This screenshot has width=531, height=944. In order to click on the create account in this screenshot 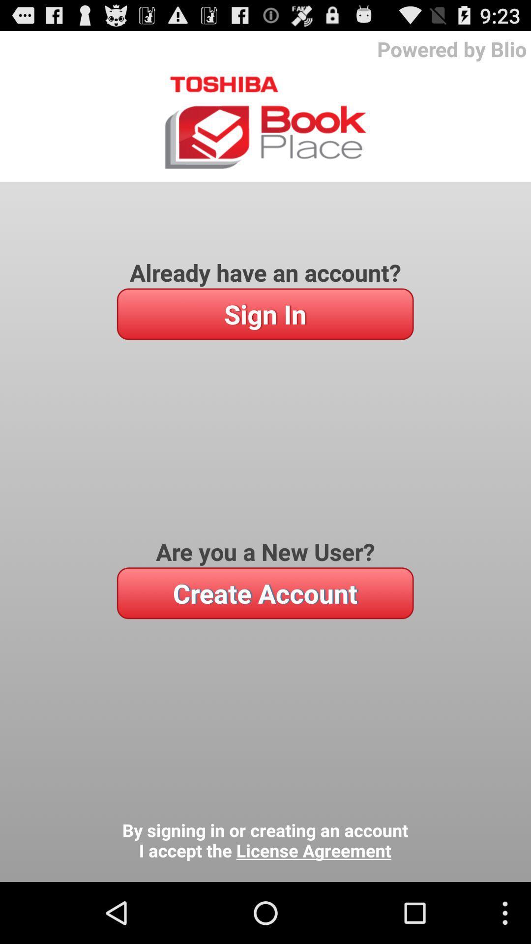, I will do `click(265, 592)`.